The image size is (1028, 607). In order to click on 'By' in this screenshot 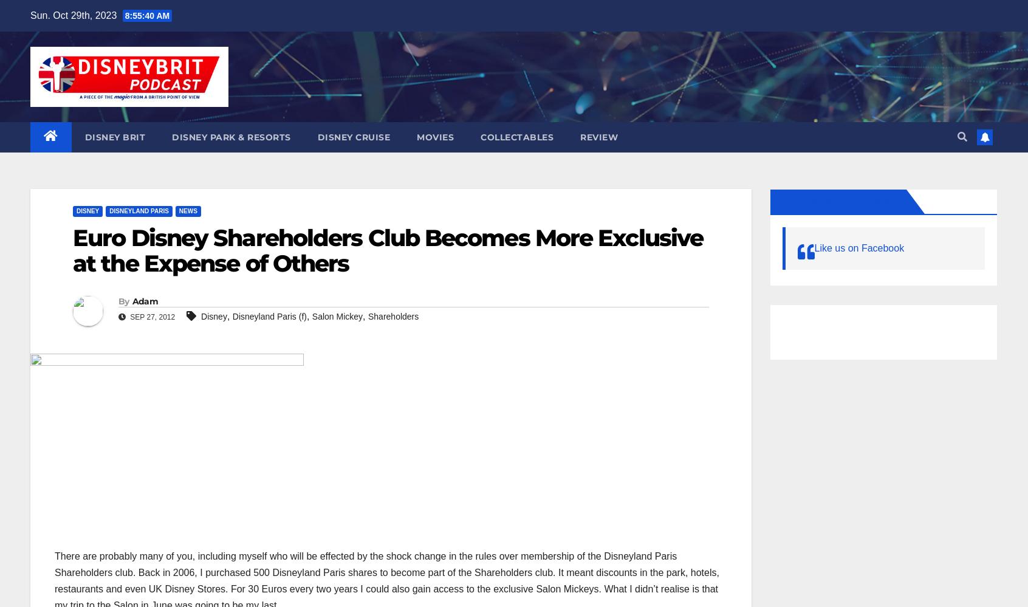, I will do `click(123, 301)`.